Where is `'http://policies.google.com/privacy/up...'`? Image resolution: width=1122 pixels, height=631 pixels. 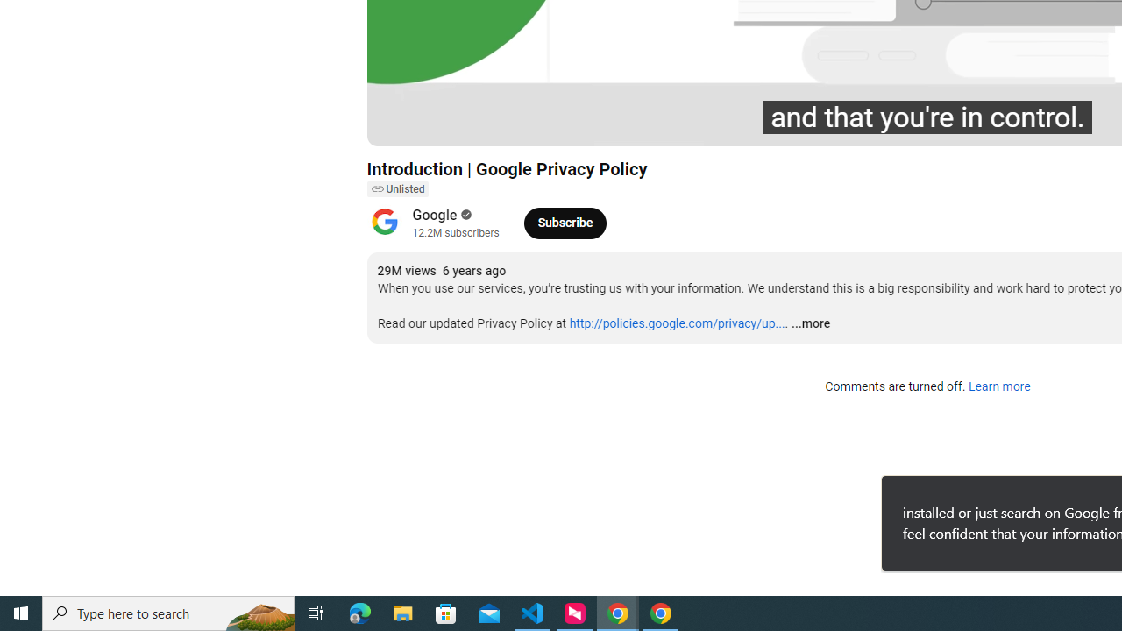
'http://policies.google.com/privacy/up...' is located at coordinates (676, 323).